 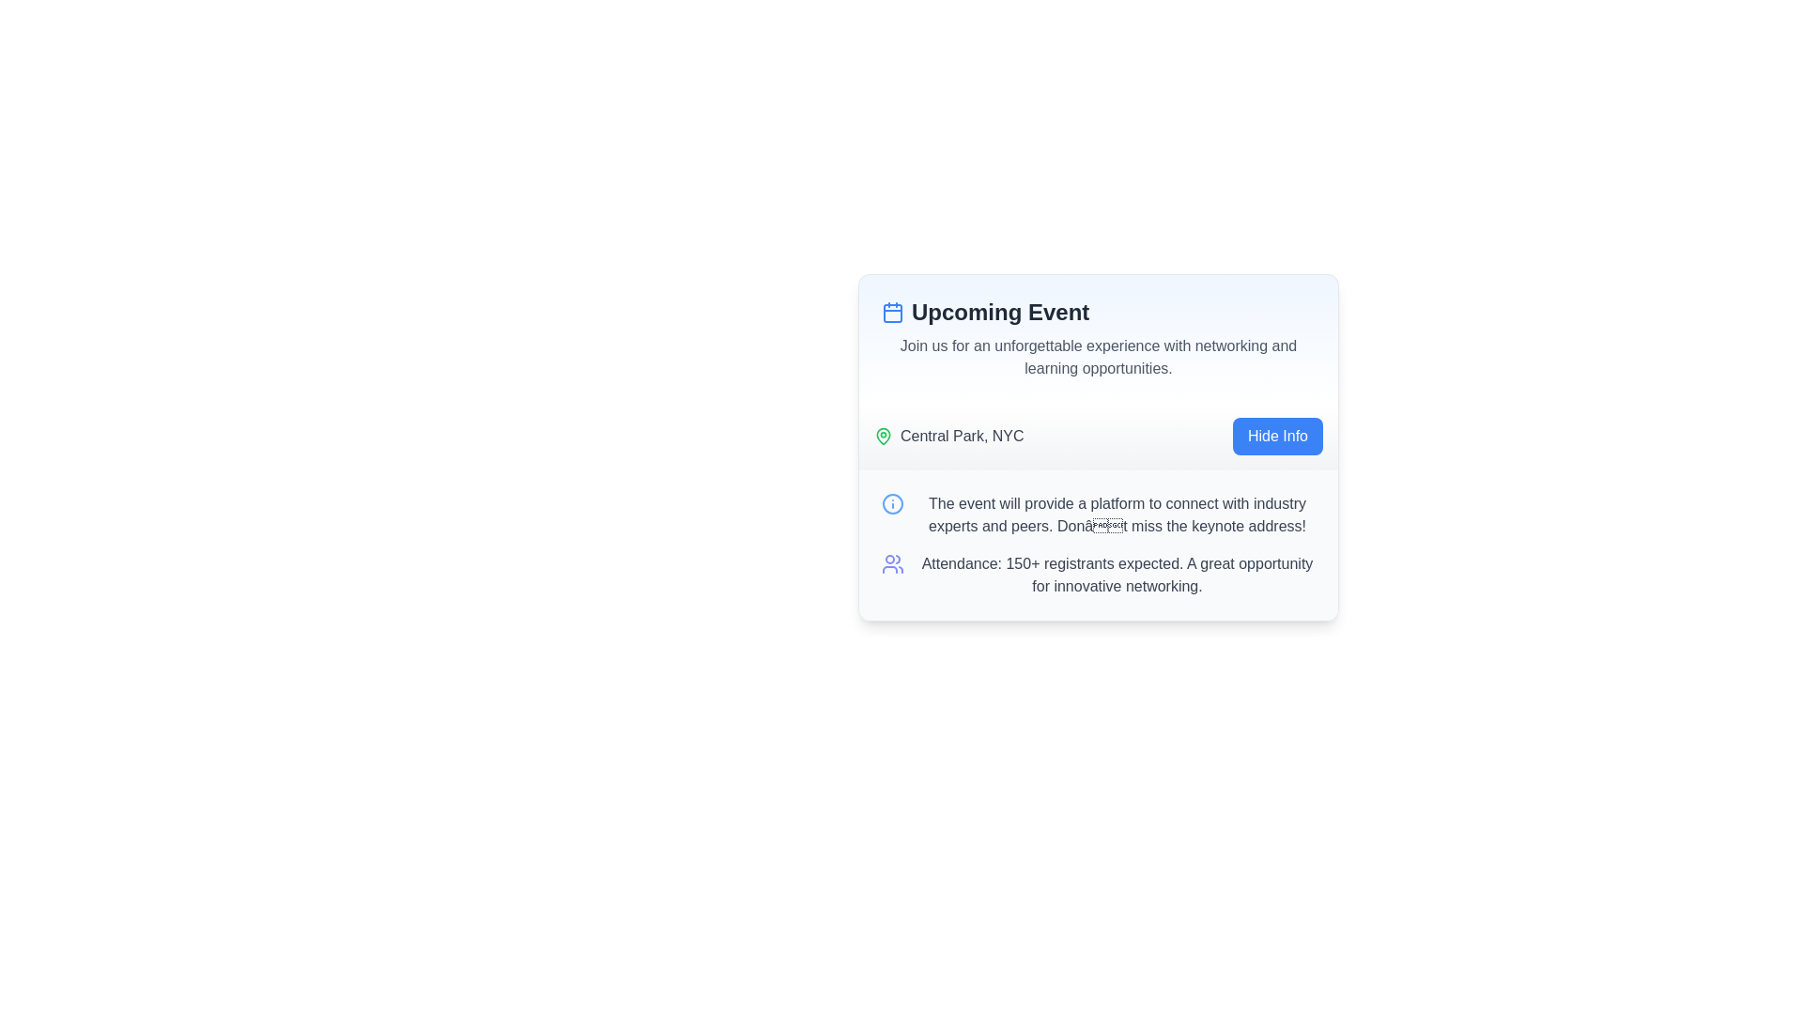 What do you see at coordinates (1099, 575) in the screenshot?
I see `the Text Block displaying 'Attendance: 150+ registrants expected. A great opportunity for innovative networking.'` at bounding box center [1099, 575].